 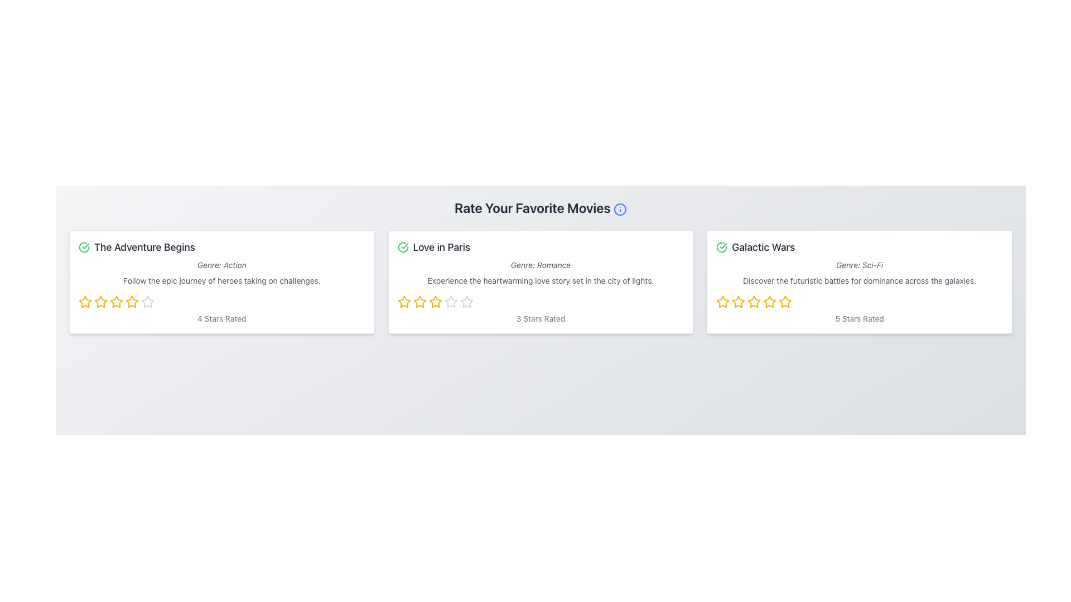 I want to click on the second star icon in the rating system located within the card titled 'The Adventure Begins', so click(x=117, y=302).